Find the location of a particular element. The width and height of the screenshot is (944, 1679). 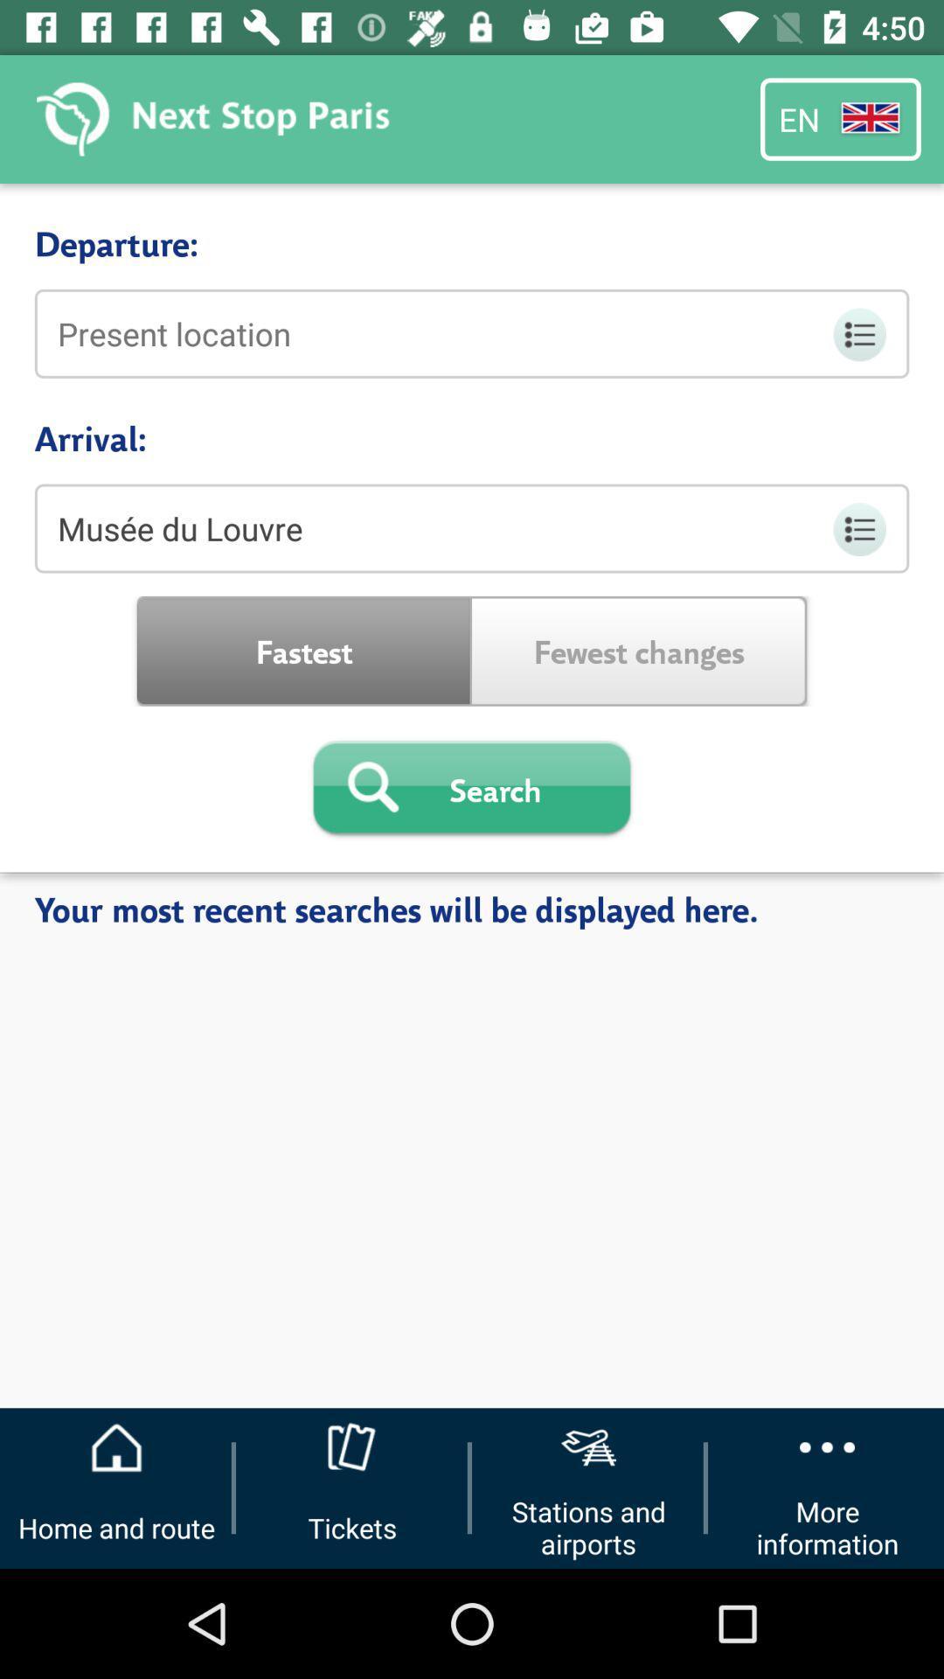

fewest changes item is located at coordinates (639, 650).